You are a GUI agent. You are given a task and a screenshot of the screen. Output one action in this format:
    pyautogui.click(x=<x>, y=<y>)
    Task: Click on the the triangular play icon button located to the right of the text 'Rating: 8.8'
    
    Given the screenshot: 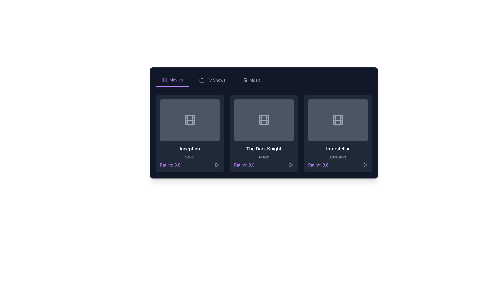 What is the action you would take?
    pyautogui.click(x=217, y=165)
    